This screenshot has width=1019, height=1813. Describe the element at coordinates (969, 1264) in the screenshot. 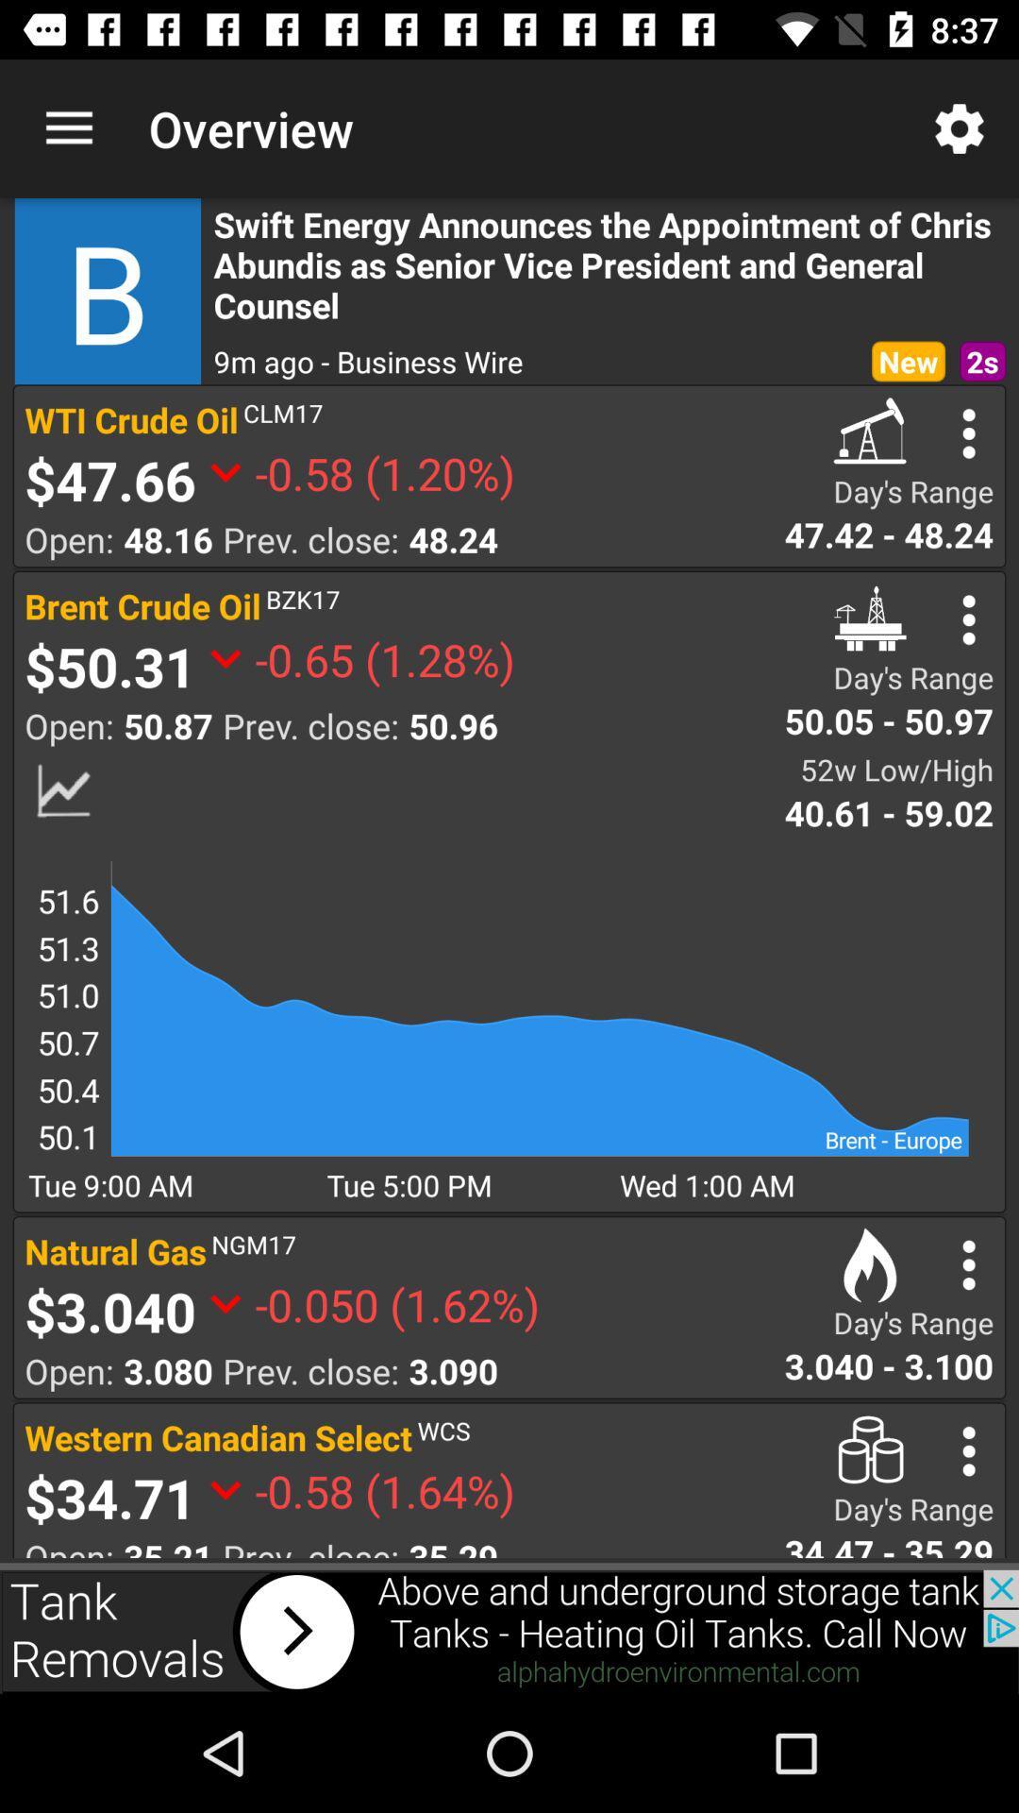

I see `option` at that location.